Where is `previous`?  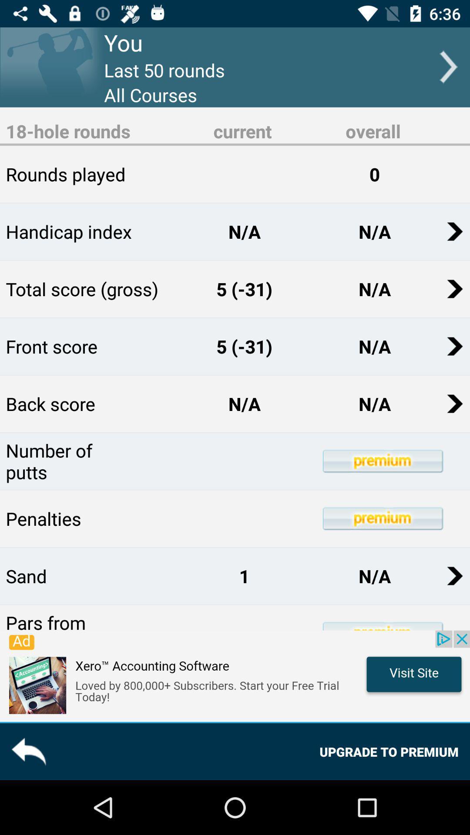
previous is located at coordinates (28, 751).